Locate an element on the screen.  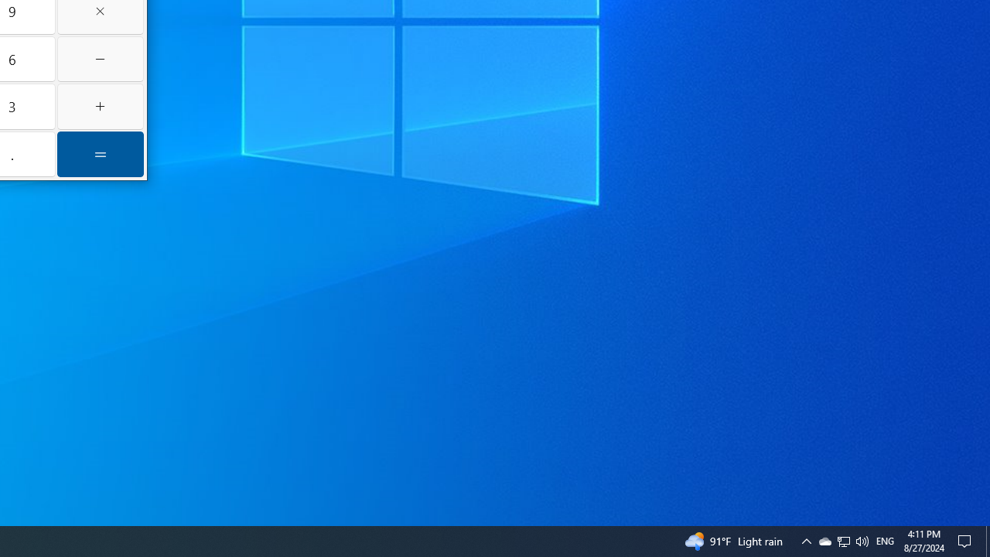
'User Promoted Notification Area' is located at coordinates (843, 540).